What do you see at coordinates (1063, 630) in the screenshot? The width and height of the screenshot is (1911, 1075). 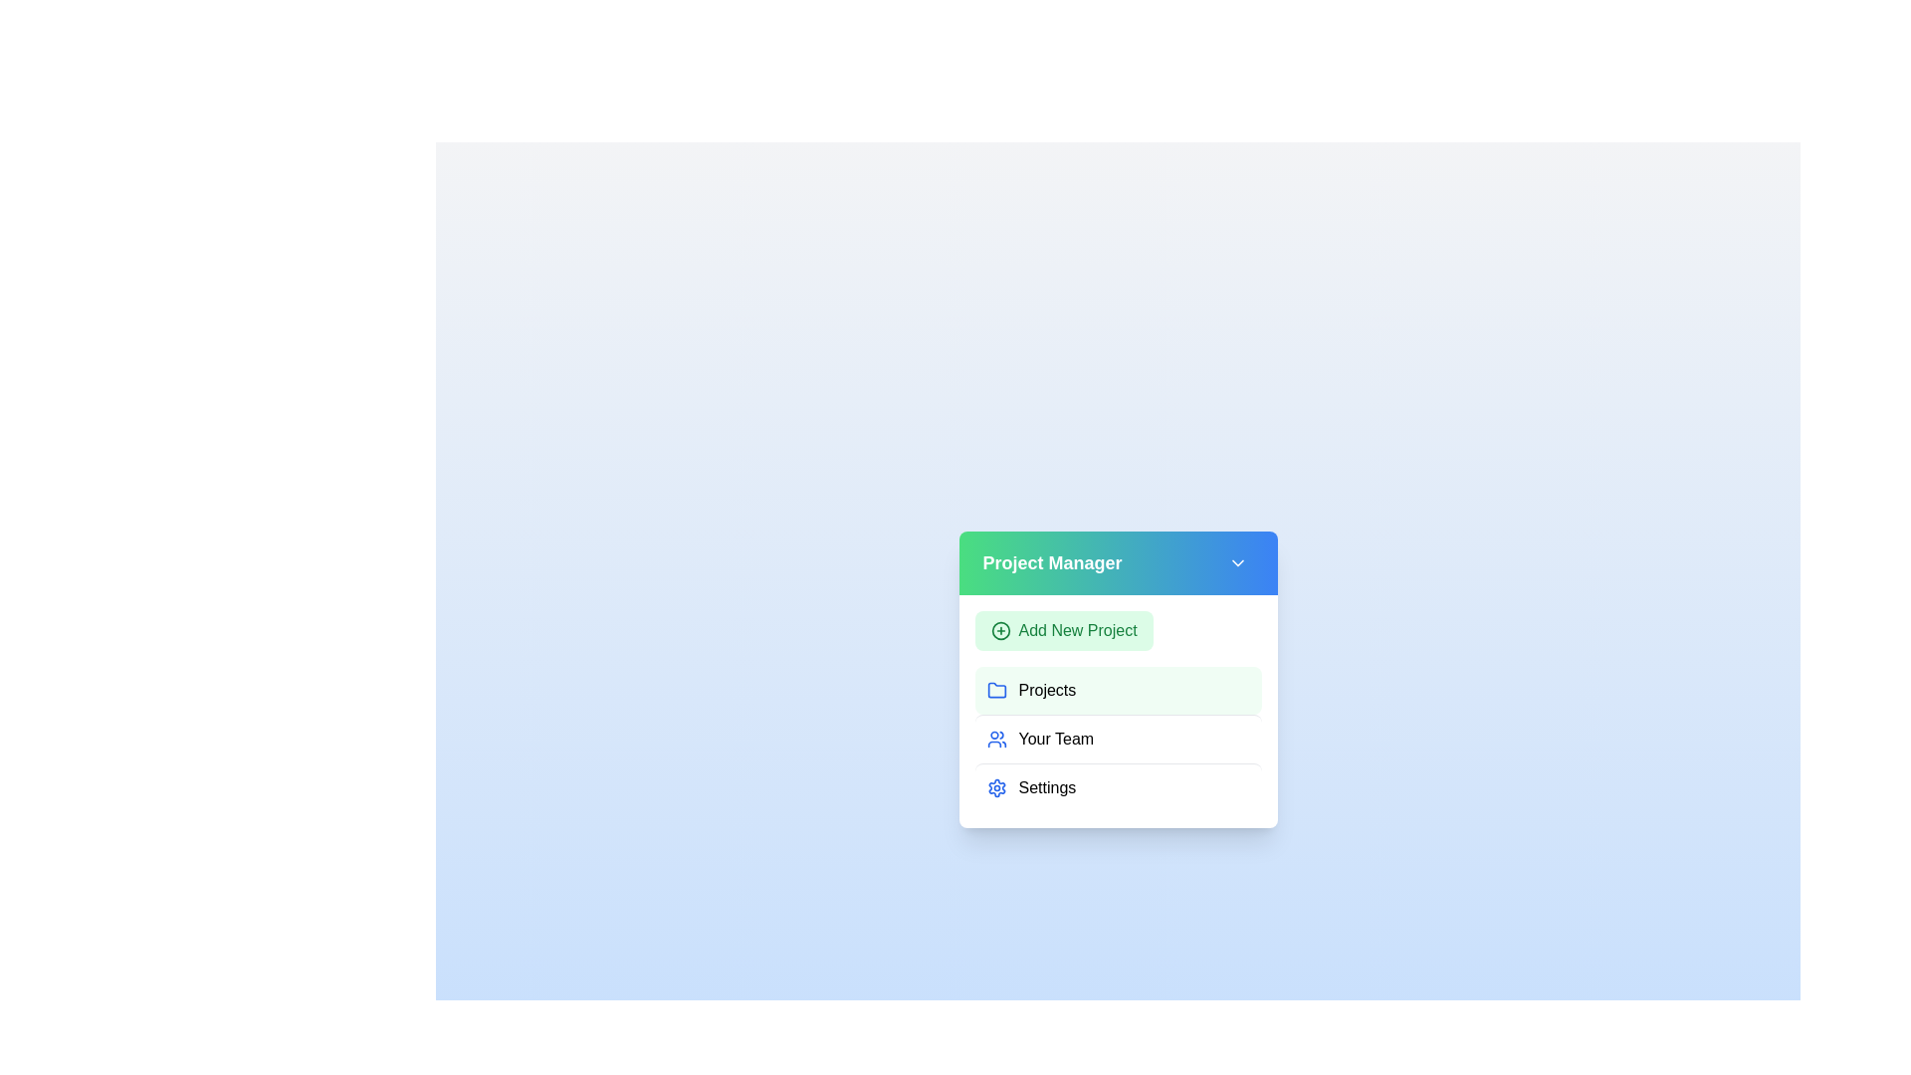 I see `the 'Add New Project' button` at bounding box center [1063, 630].